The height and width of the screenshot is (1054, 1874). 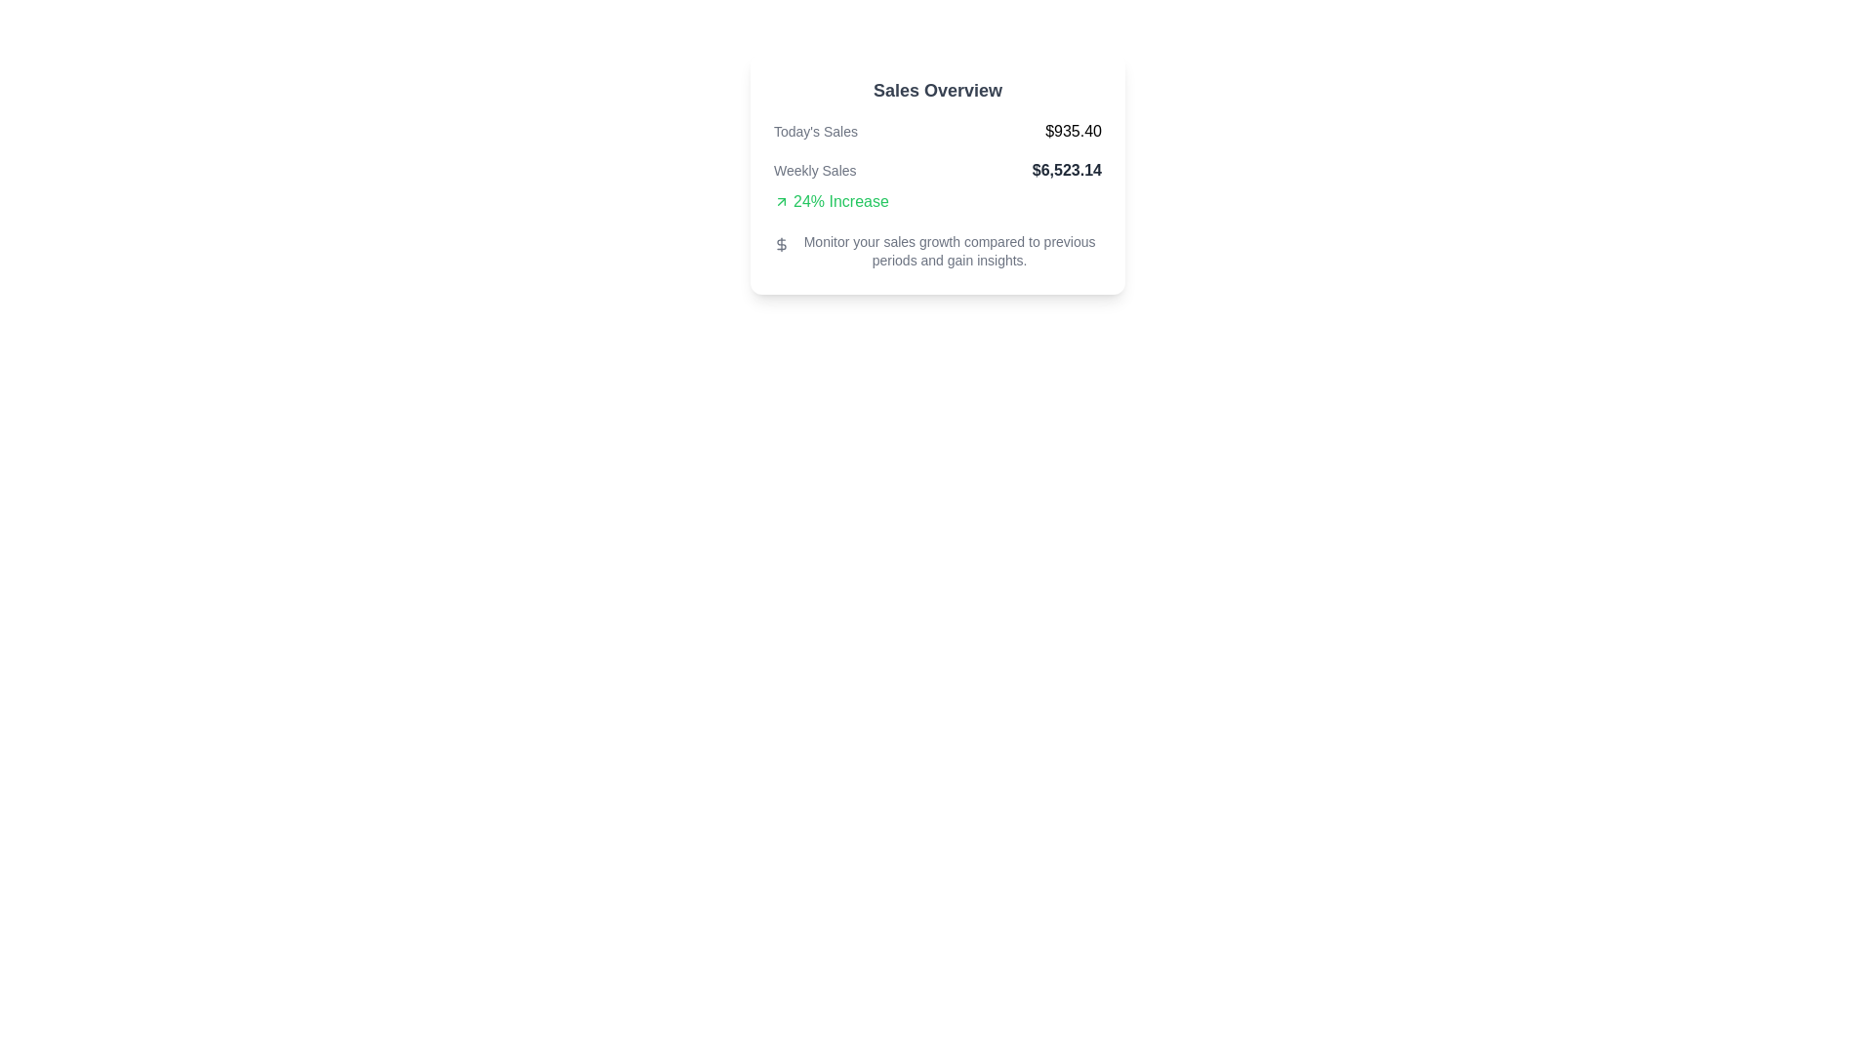 What do you see at coordinates (1073, 132) in the screenshot?
I see `the text label that displays today's sales amount, which is located to the right of the 'Today's Sales' text within the card` at bounding box center [1073, 132].